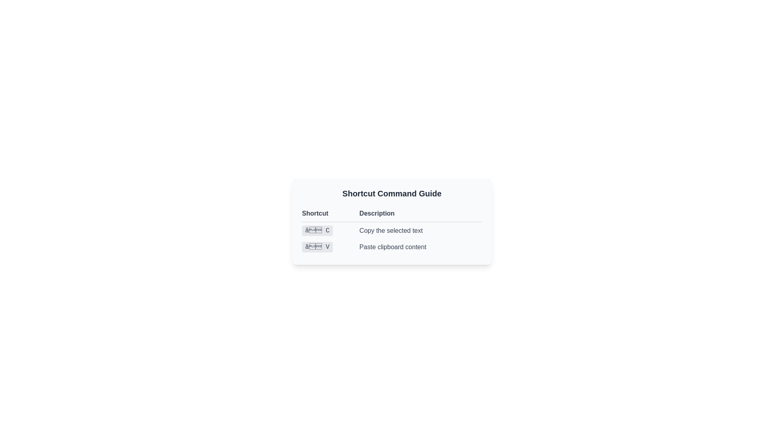 The image size is (768, 432). Describe the element at coordinates (420, 246) in the screenshot. I see `the Text label describing the keyboard shortcut '⌘ V' for pasting clipboard content, which is located in the second row under the 'Description' column` at that location.